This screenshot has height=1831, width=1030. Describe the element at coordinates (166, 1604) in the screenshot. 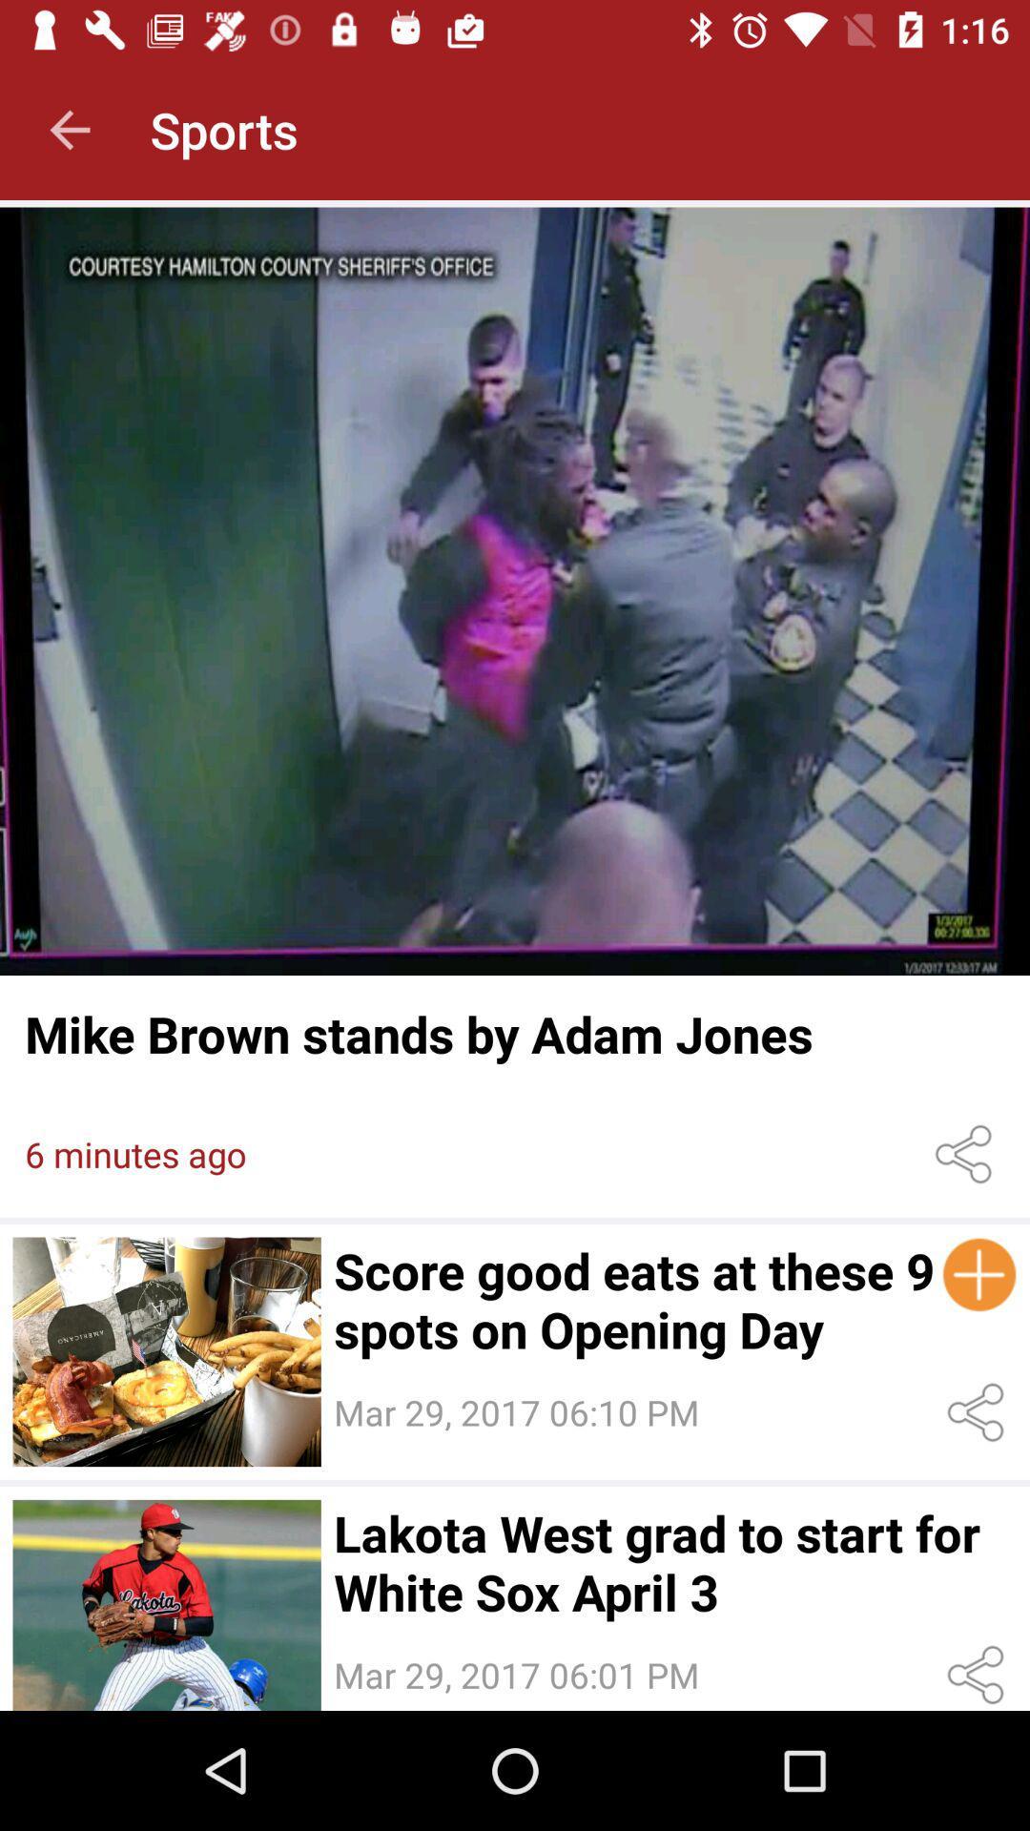

I see `selected video` at that location.